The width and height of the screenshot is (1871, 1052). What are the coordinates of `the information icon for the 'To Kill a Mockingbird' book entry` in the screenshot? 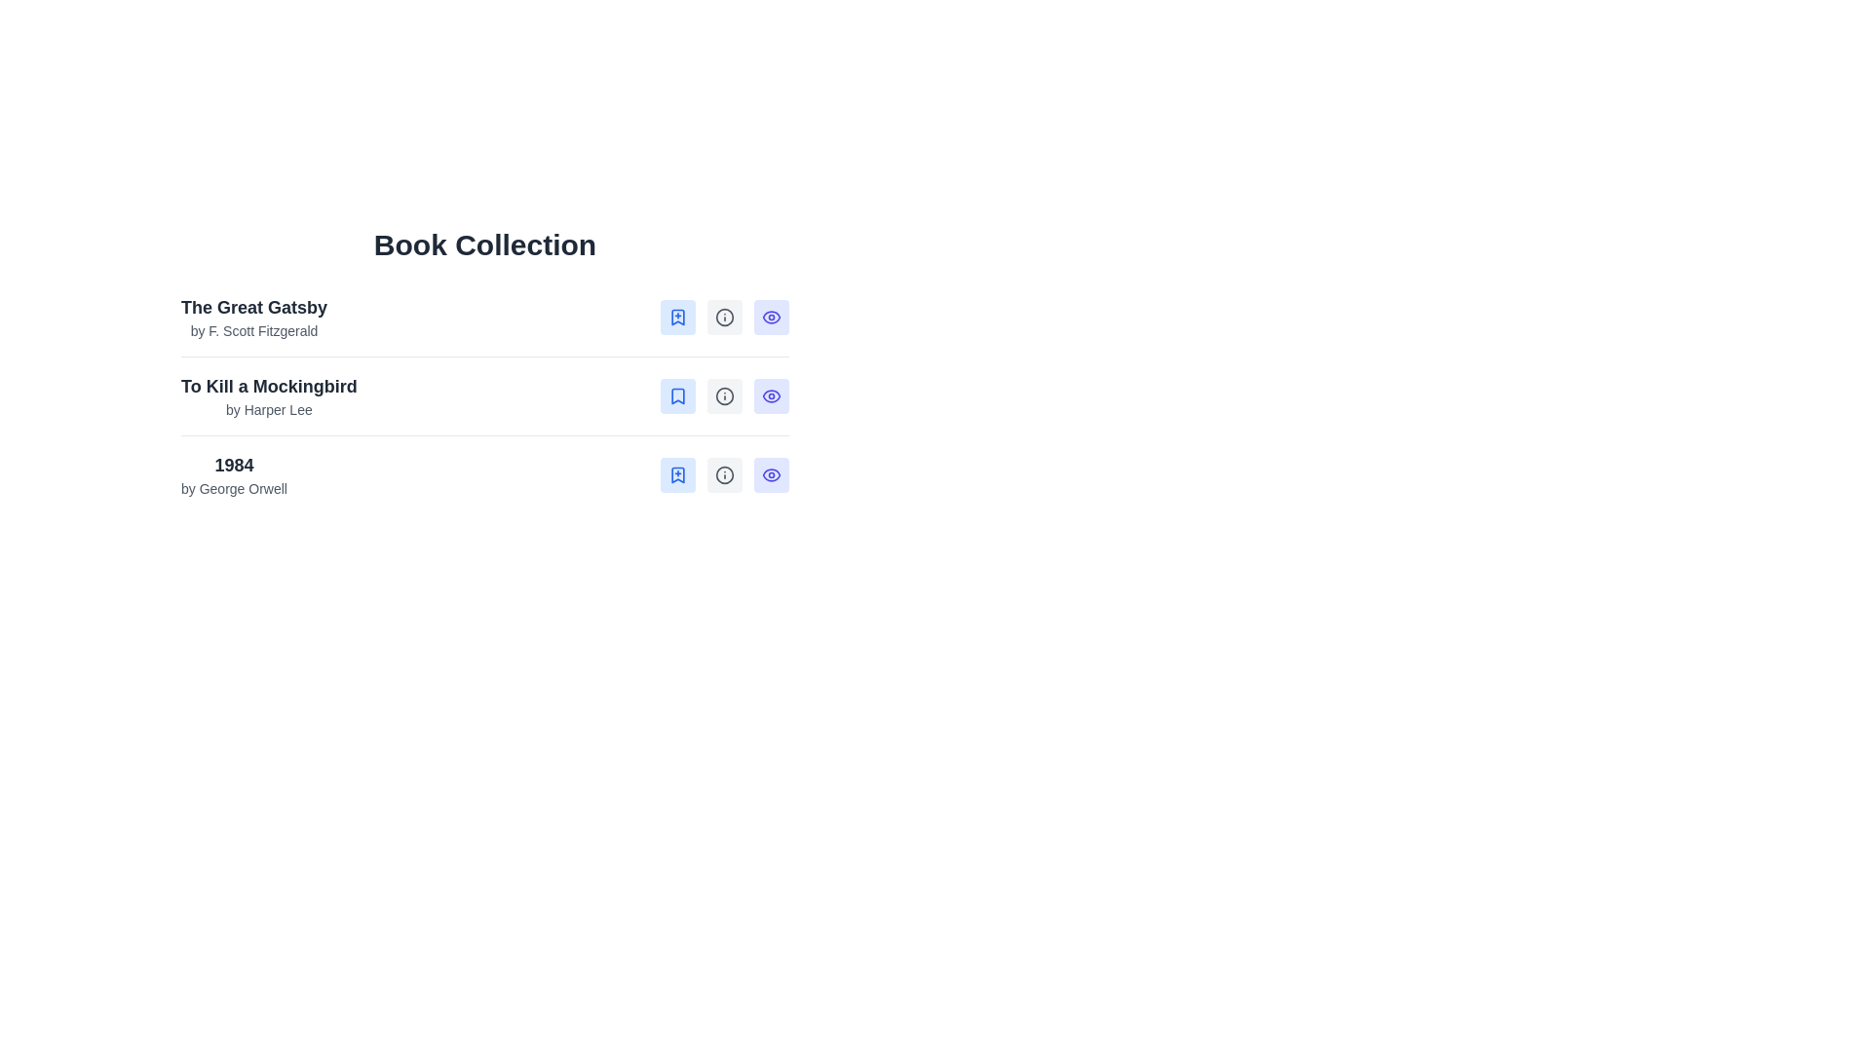 It's located at (724, 395).